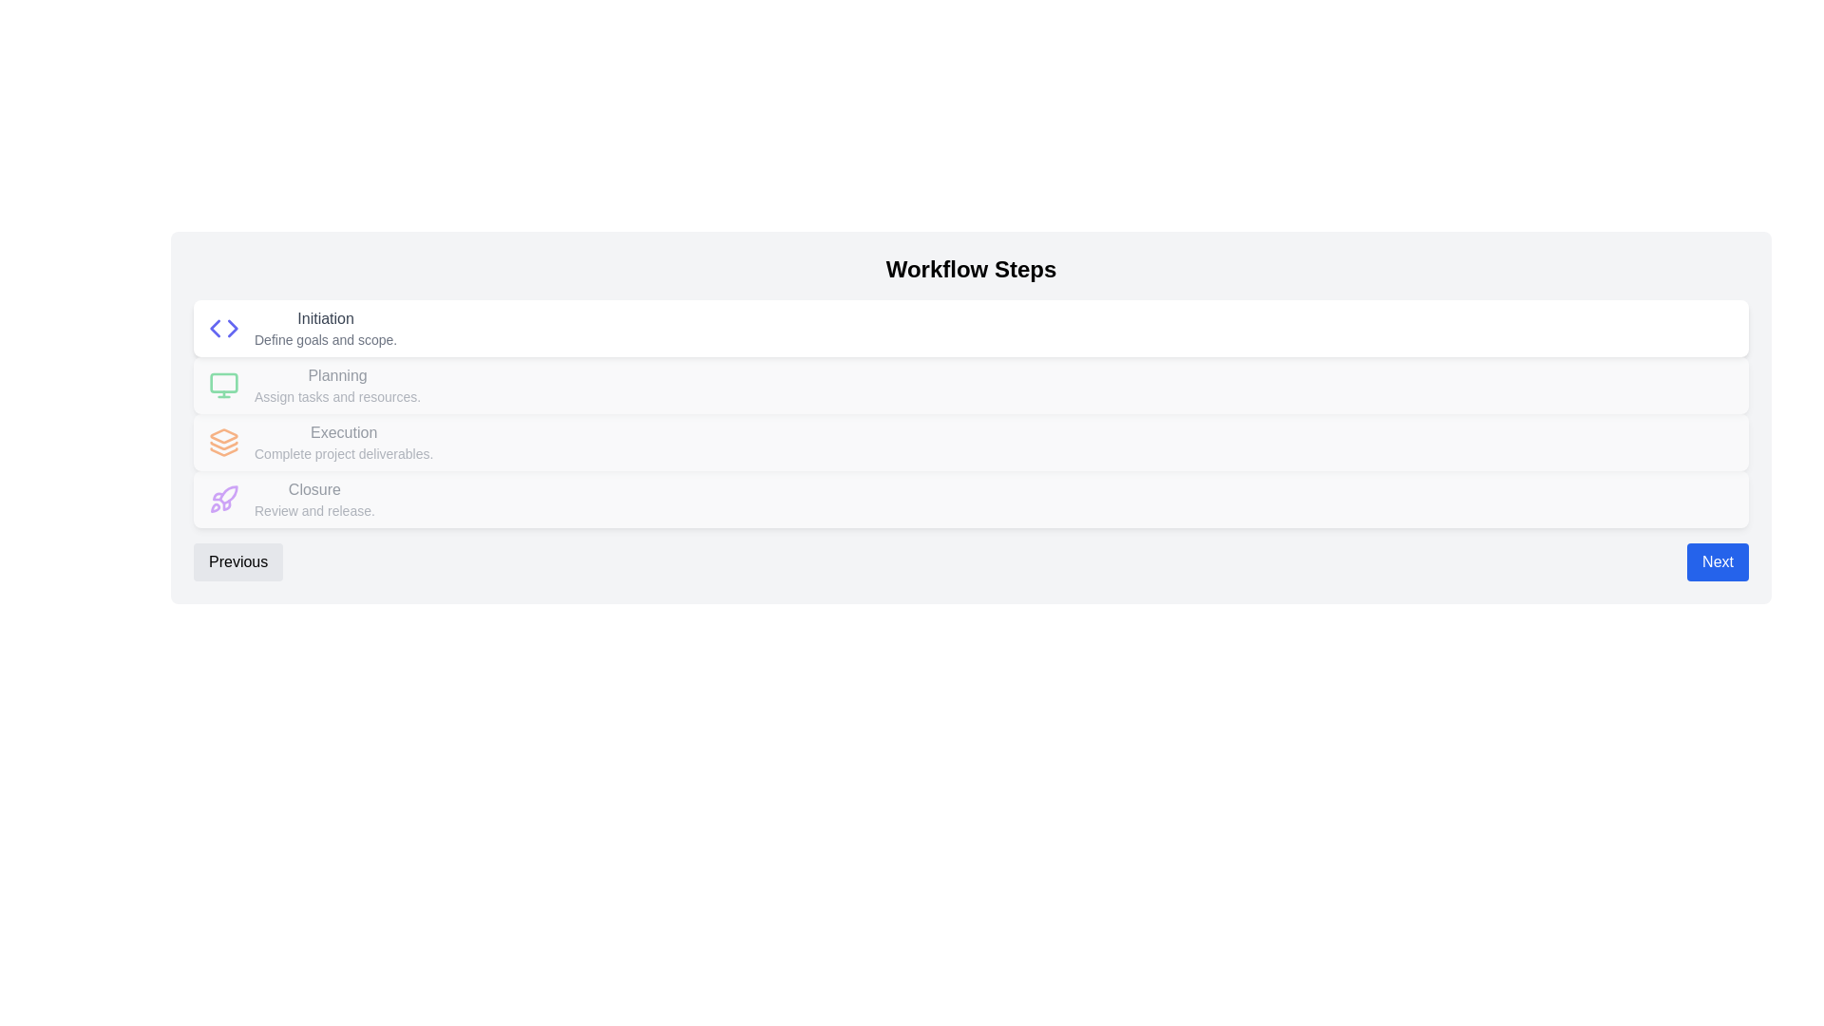 The height and width of the screenshot is (1026, 1824). I want to click on the 'Execution' text label in the Workflow Steps, which provides the instruction 'Complete project deliverables.', so click(344, 443).